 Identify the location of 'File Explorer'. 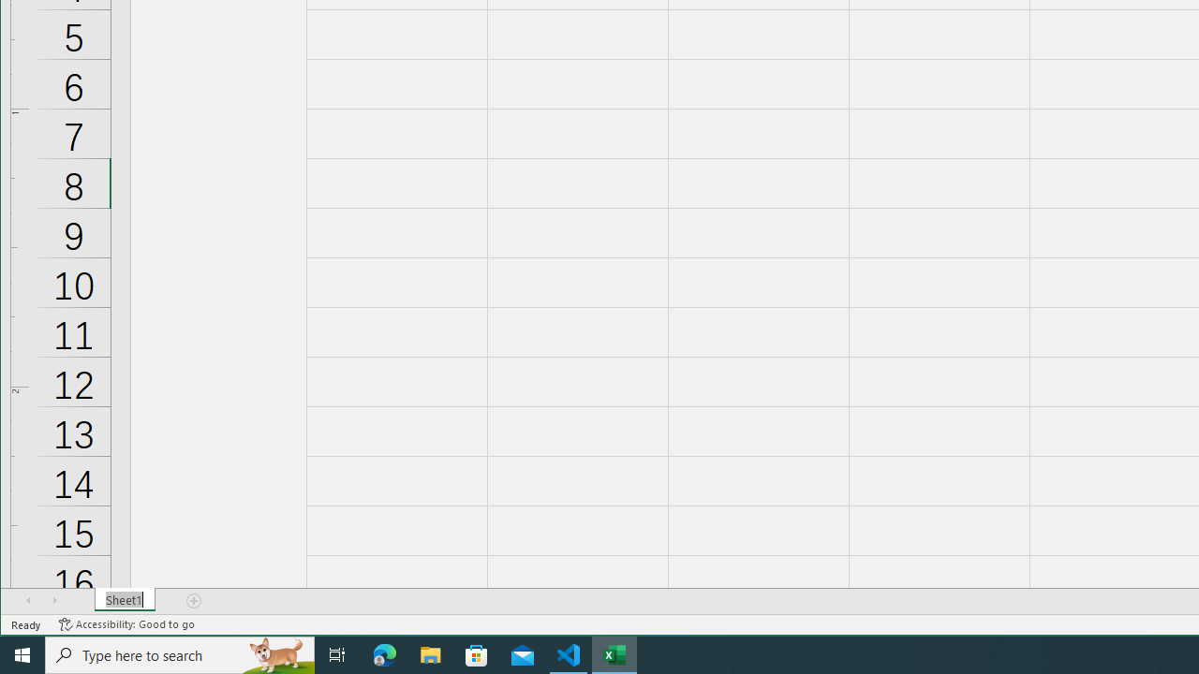
(430, 653).